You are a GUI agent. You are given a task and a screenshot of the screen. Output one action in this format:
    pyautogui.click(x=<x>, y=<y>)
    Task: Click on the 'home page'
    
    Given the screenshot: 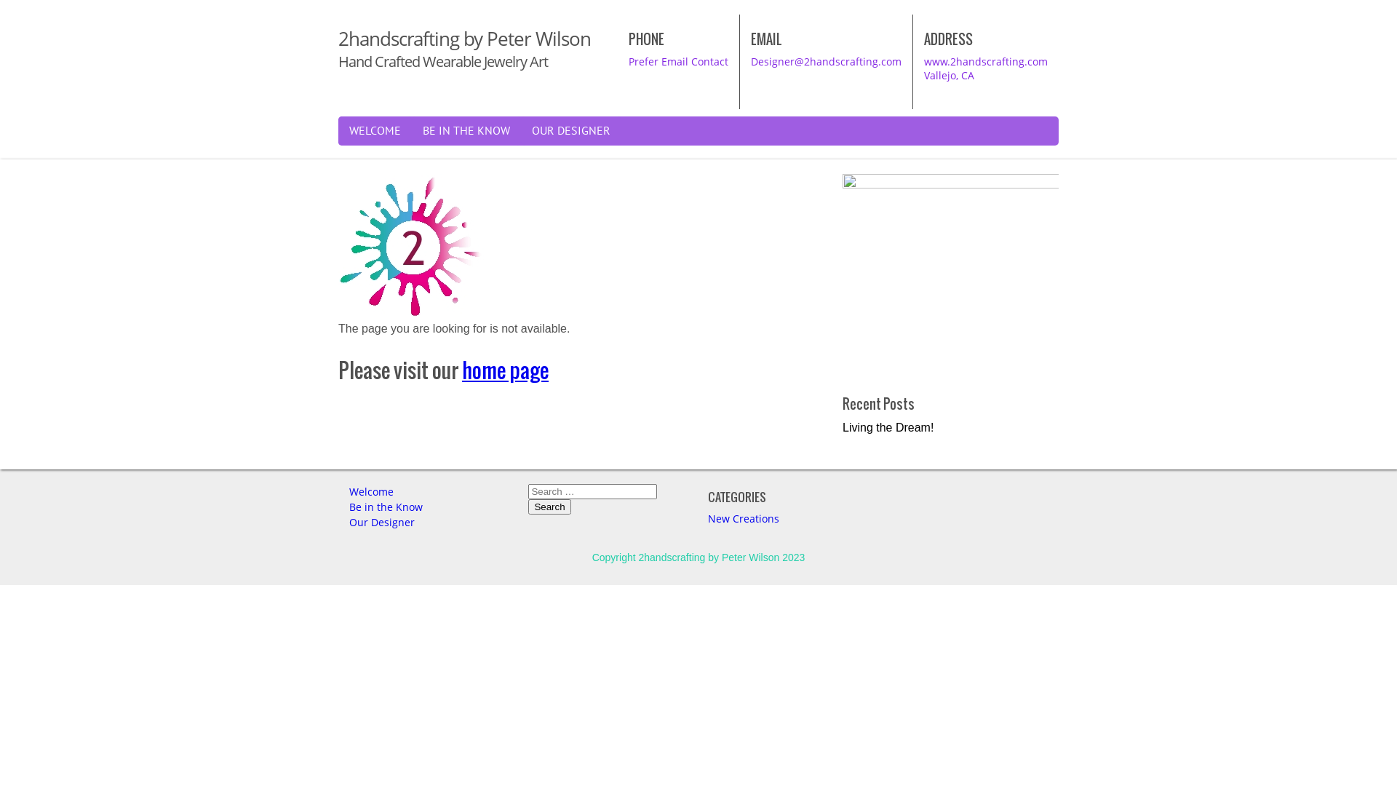 What is the action you would take?
    pyautogui.click(x=505, y=370)
    